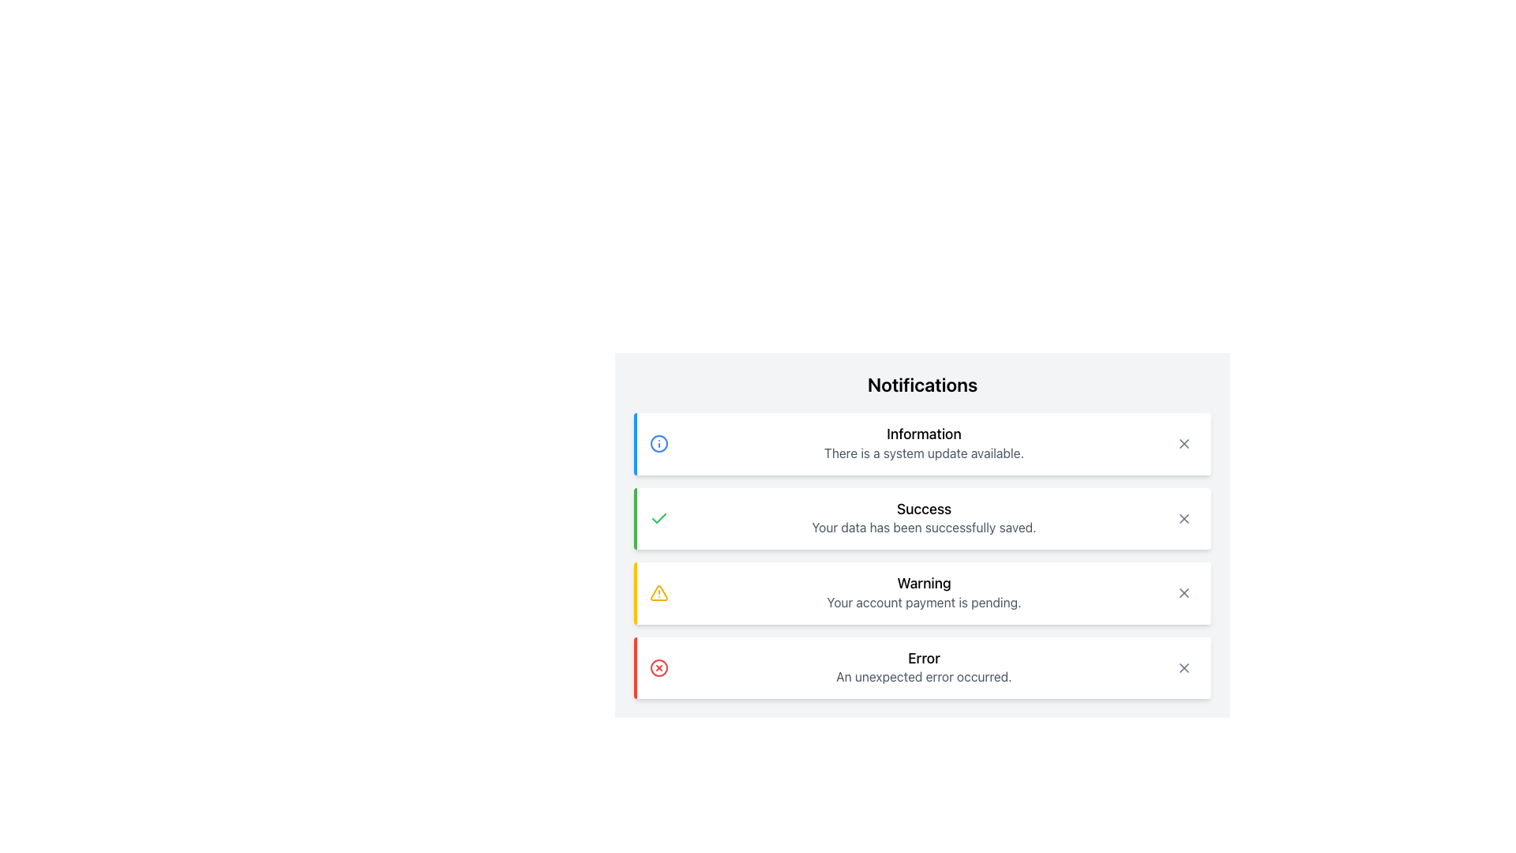 The image size is (1516, 853). Describe the element at coordinates (659, 517) in the screenshot. I see `the success icon located to the left of the 'Success' notification panel, which indicates a successful operation` at that location.